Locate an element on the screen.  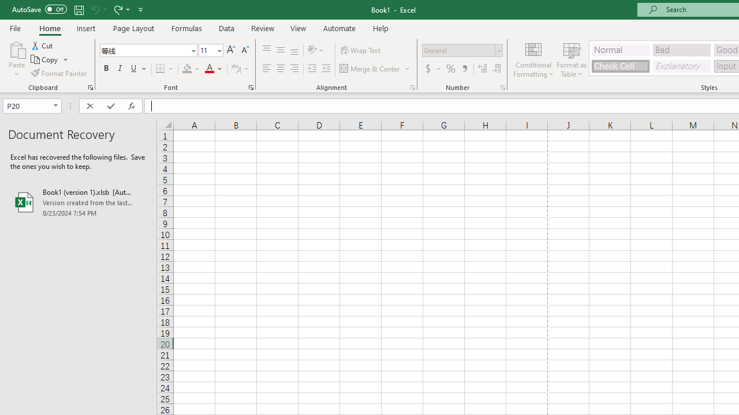
'Format Cell Font' is located at coordinates (251, 86).